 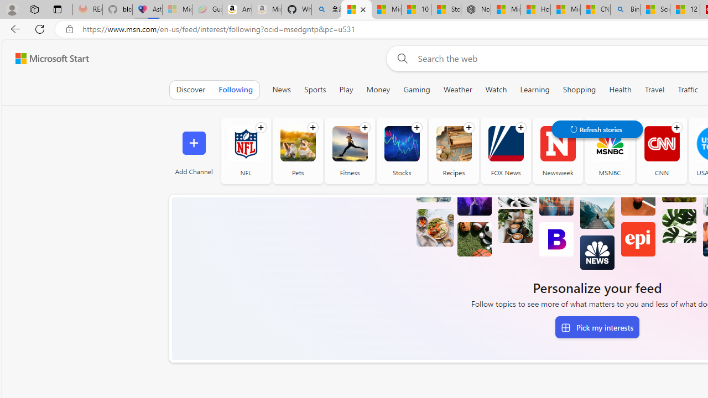 What do you see at coordinates (505, 150) in the screenshot?
I see `'FOX News'` at bounding box center [505, 150].